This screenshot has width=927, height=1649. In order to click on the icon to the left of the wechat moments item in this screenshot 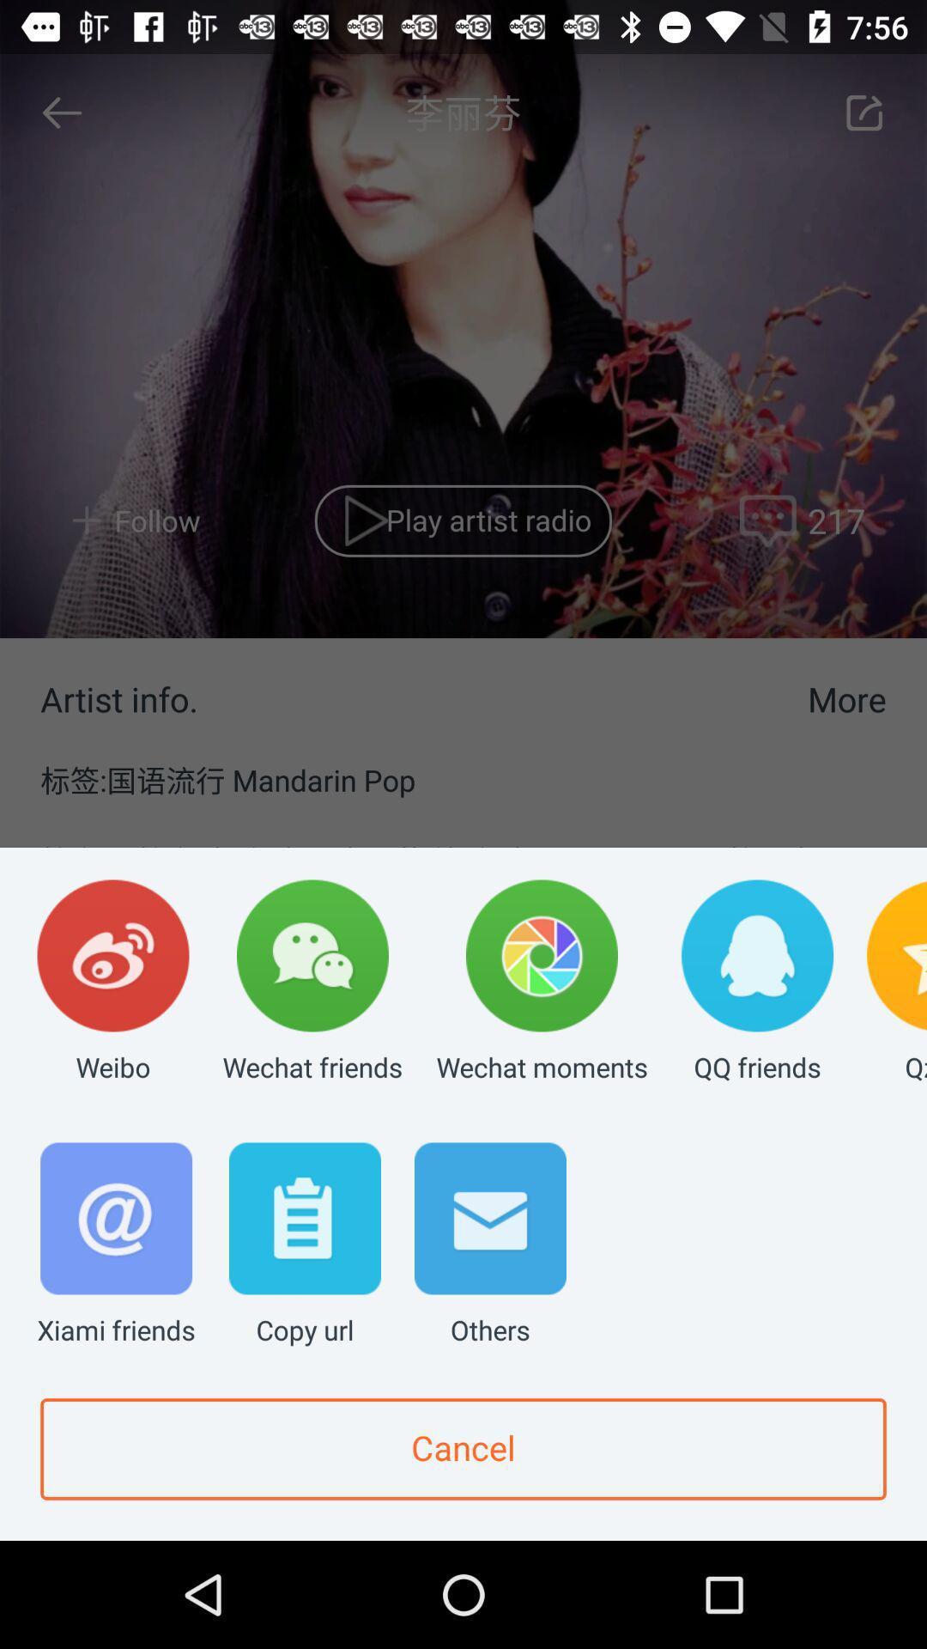, I will do `click(312, 983)`.